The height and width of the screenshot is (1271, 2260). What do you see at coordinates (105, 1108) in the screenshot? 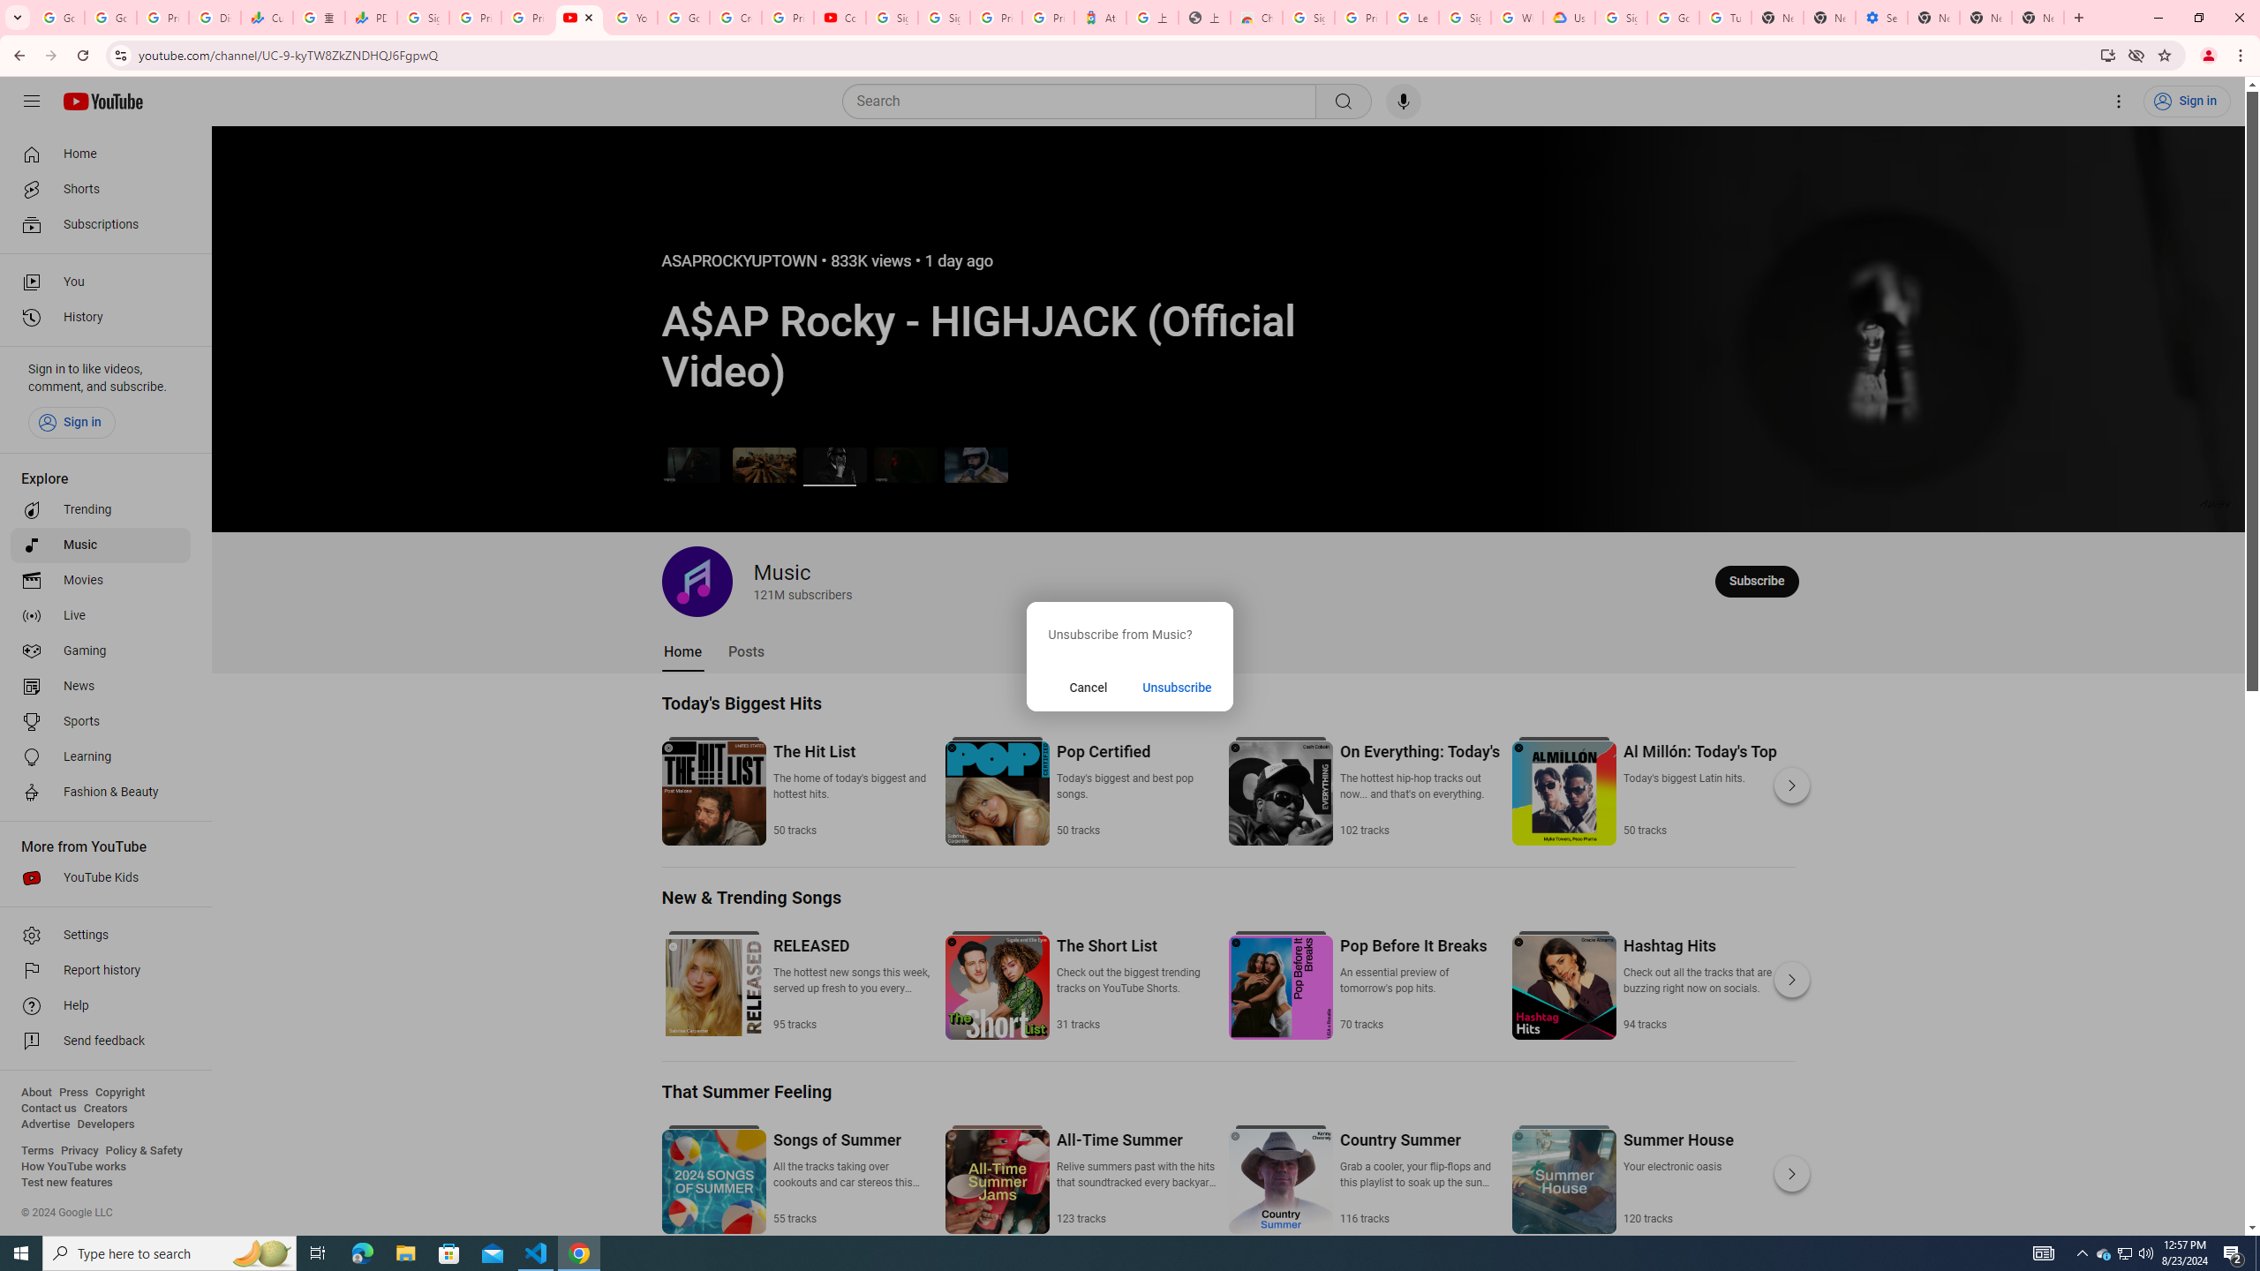
I see `'Creators'` at bounding box center [105, 1108].